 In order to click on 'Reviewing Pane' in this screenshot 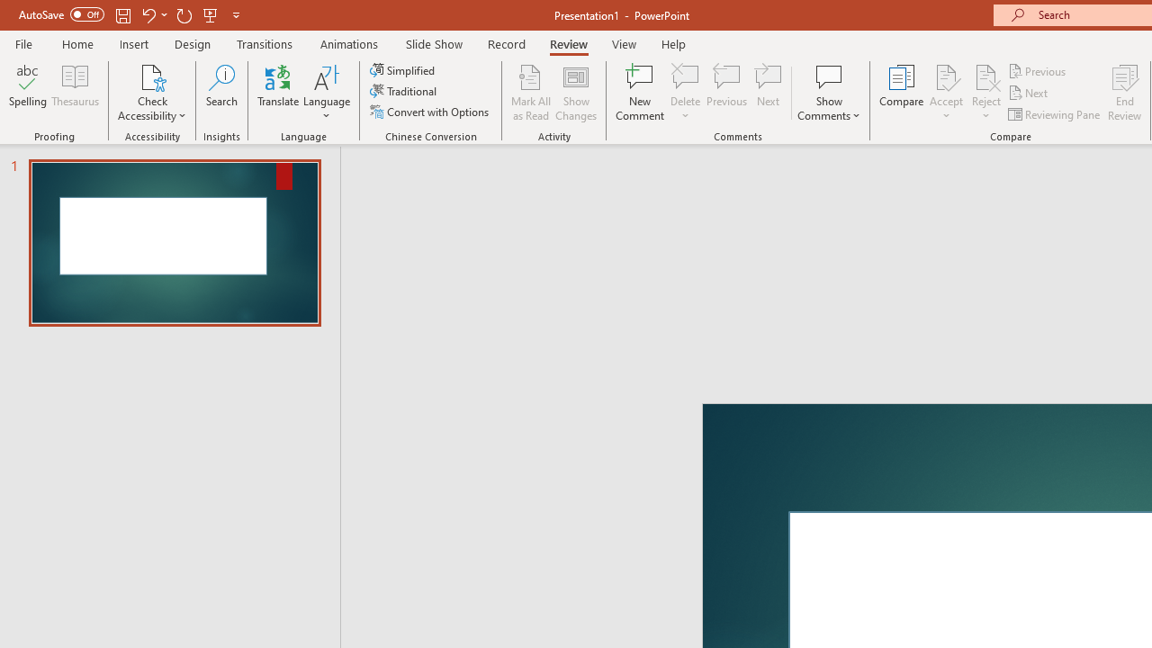, I will do `click(1056, 114)`.